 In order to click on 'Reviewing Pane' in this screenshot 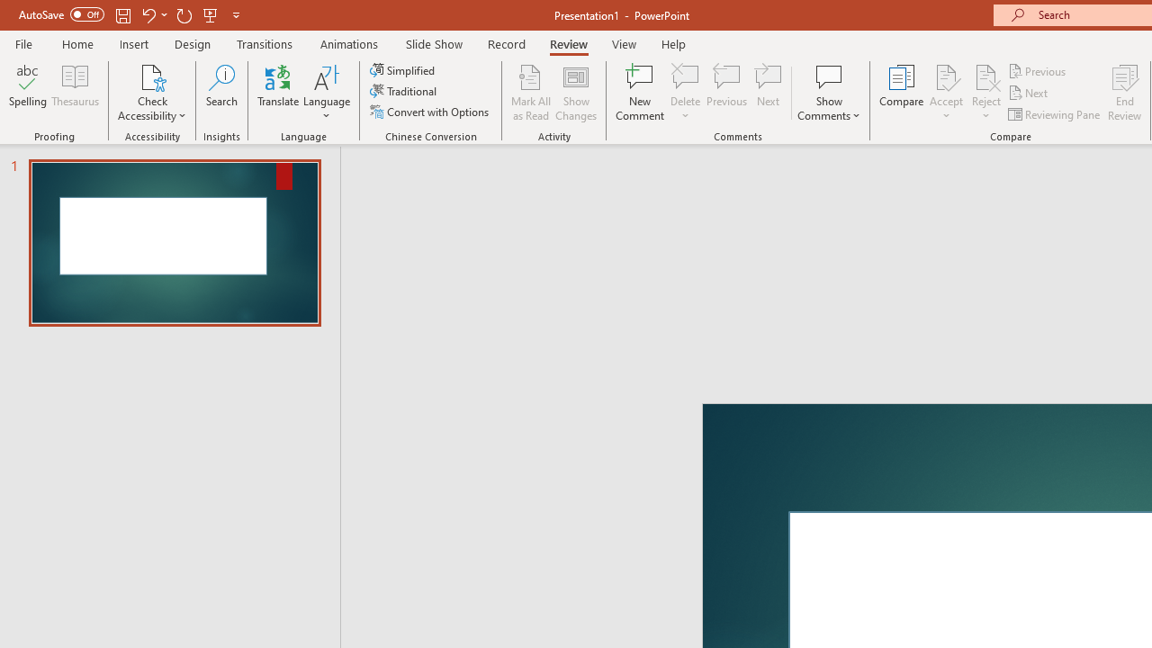, I will do `click(1056, 114)`.